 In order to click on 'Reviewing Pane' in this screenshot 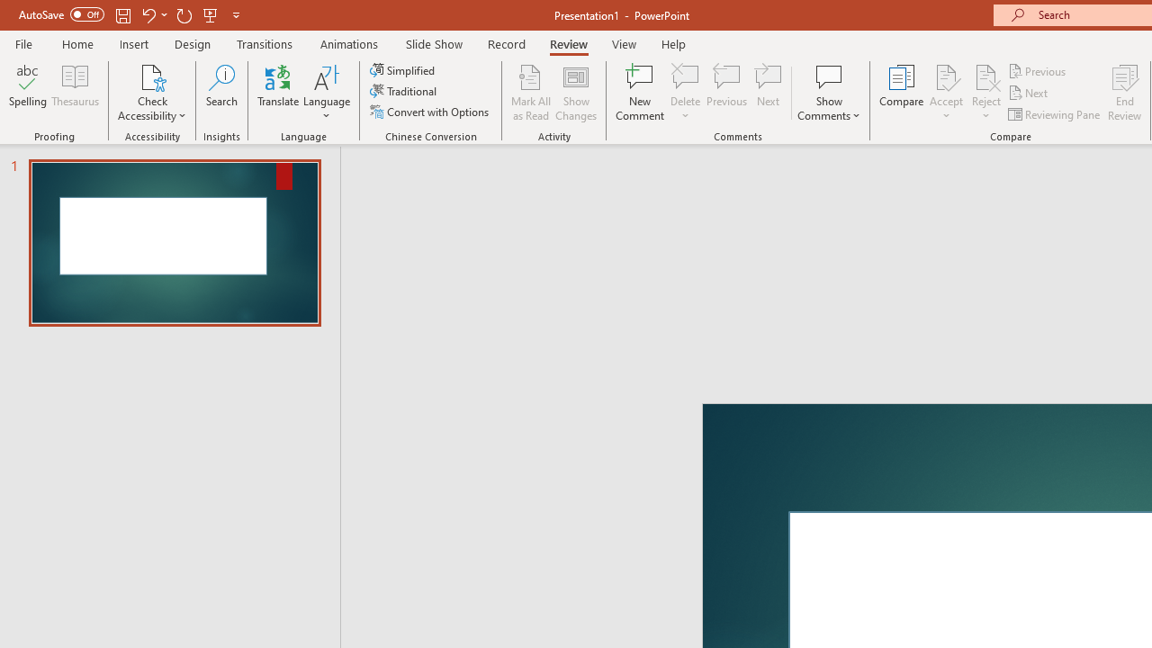, I will do `click(1056, 114)`.